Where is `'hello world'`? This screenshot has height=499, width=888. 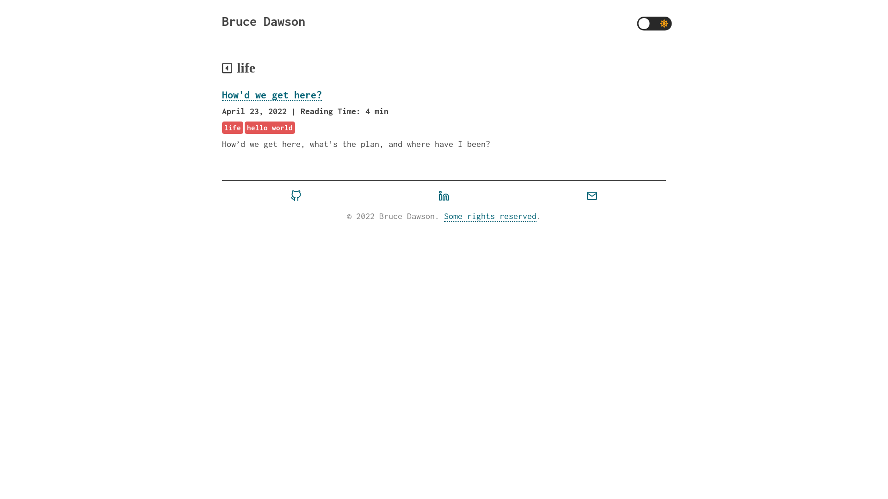 'hello world' is located at coordinates (269, 128).